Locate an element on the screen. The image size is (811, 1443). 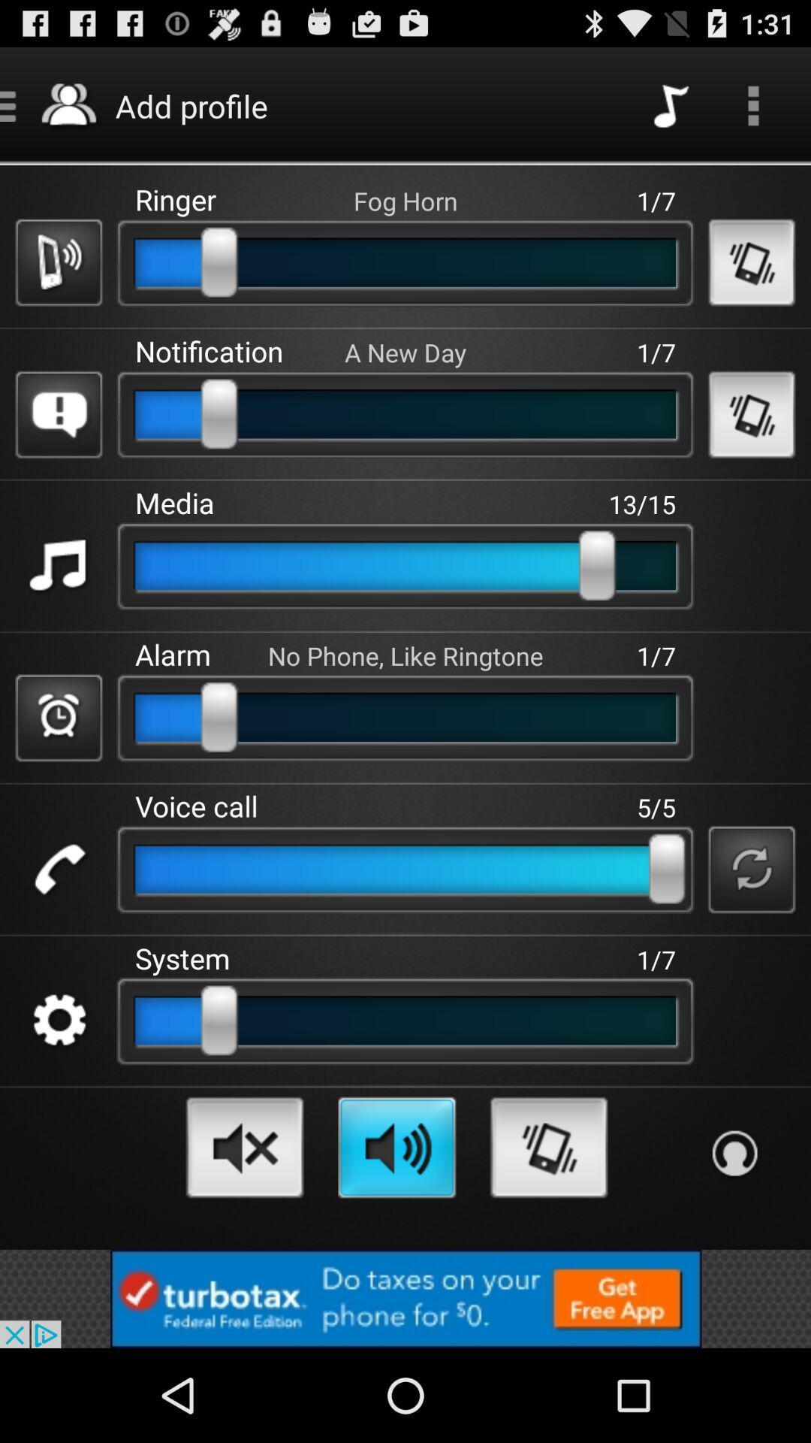
ring tones is located at coordinates (549, 1146).